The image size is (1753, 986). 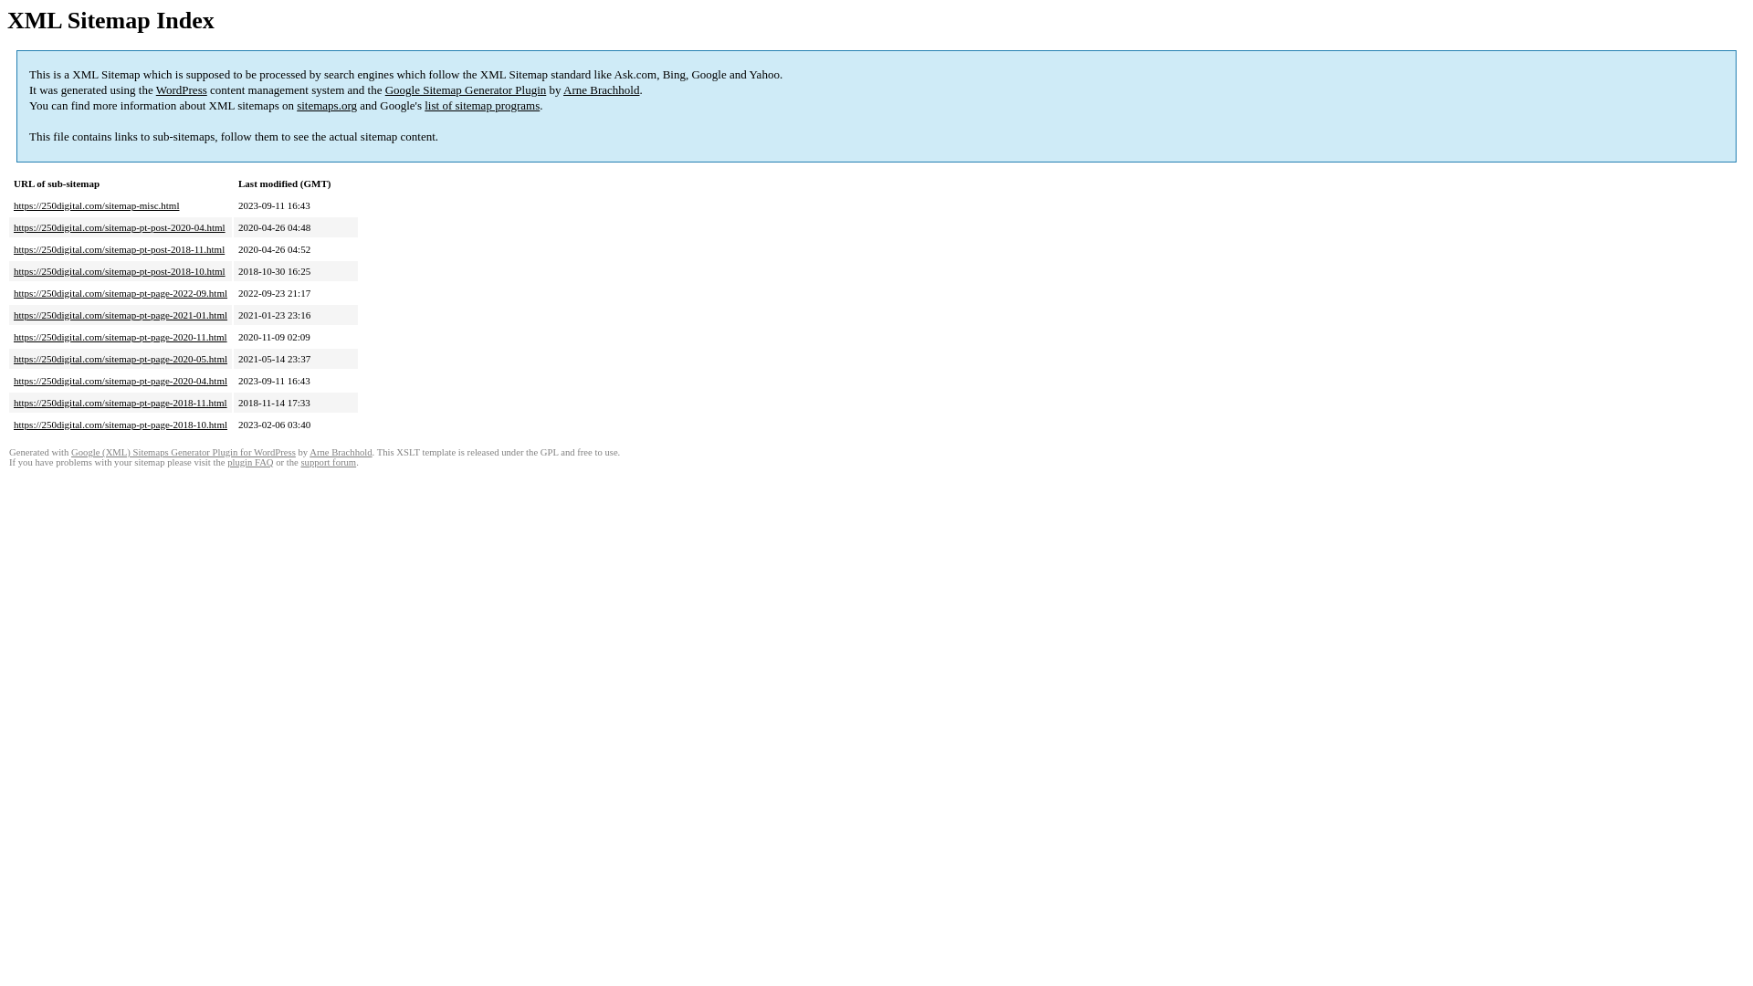 What do you see at coordinates (248, 461) in the screenshot?
I see `'plugin FAQ'` at bounding box center [248, 461].